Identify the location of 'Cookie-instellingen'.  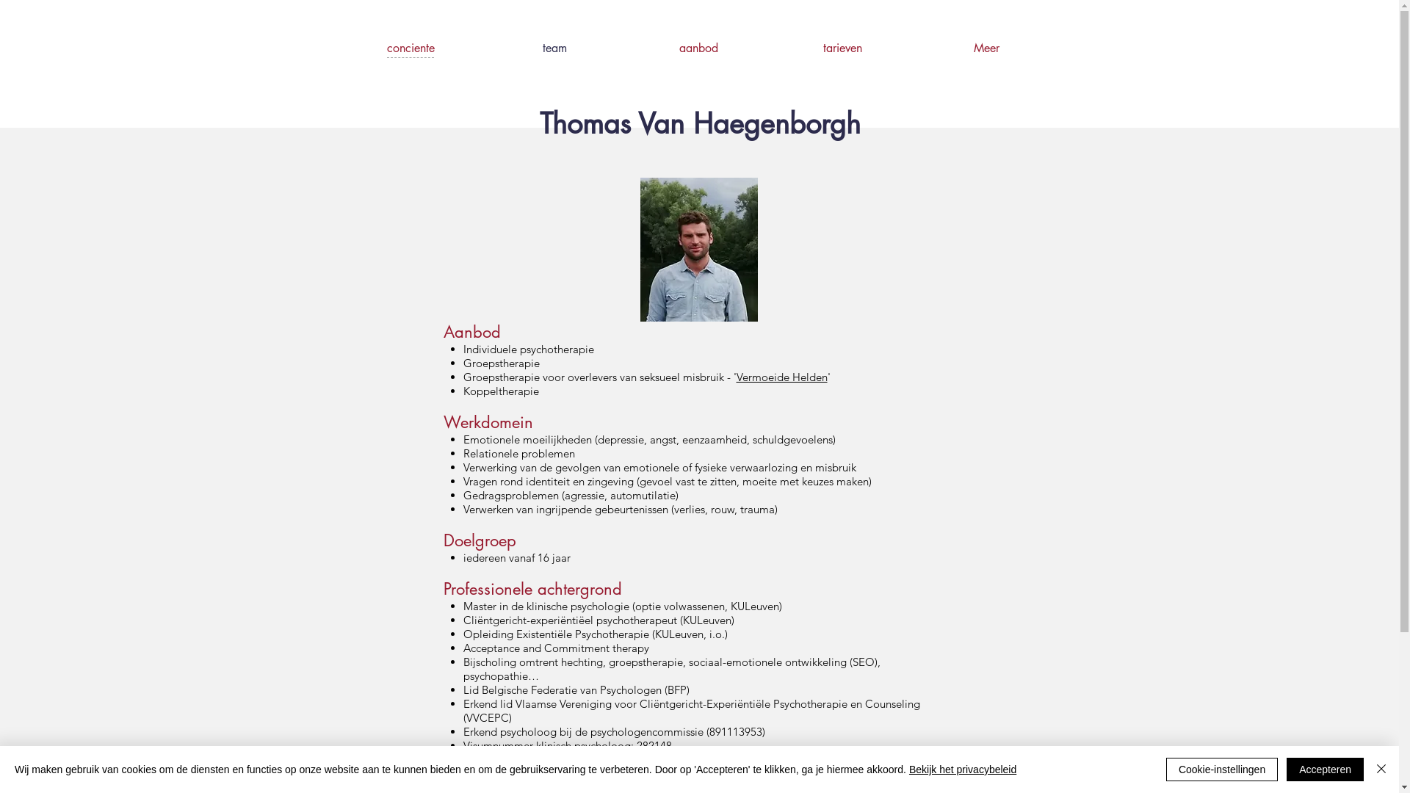
(1222, 769).